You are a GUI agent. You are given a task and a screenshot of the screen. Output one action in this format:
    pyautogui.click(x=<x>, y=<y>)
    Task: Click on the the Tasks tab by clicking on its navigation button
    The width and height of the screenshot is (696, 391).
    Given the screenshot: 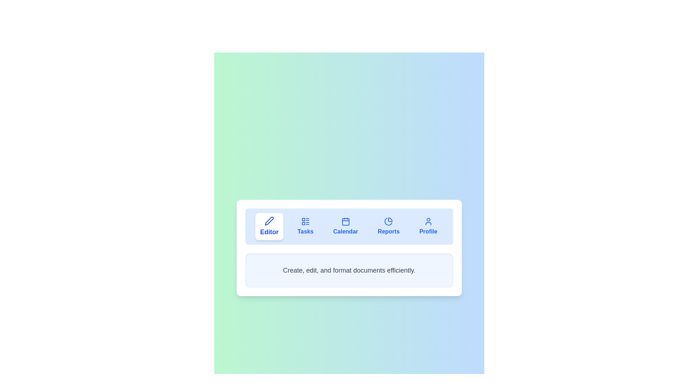 What is the action you would take?
    pyautogui.click(x=305, y=226)
    